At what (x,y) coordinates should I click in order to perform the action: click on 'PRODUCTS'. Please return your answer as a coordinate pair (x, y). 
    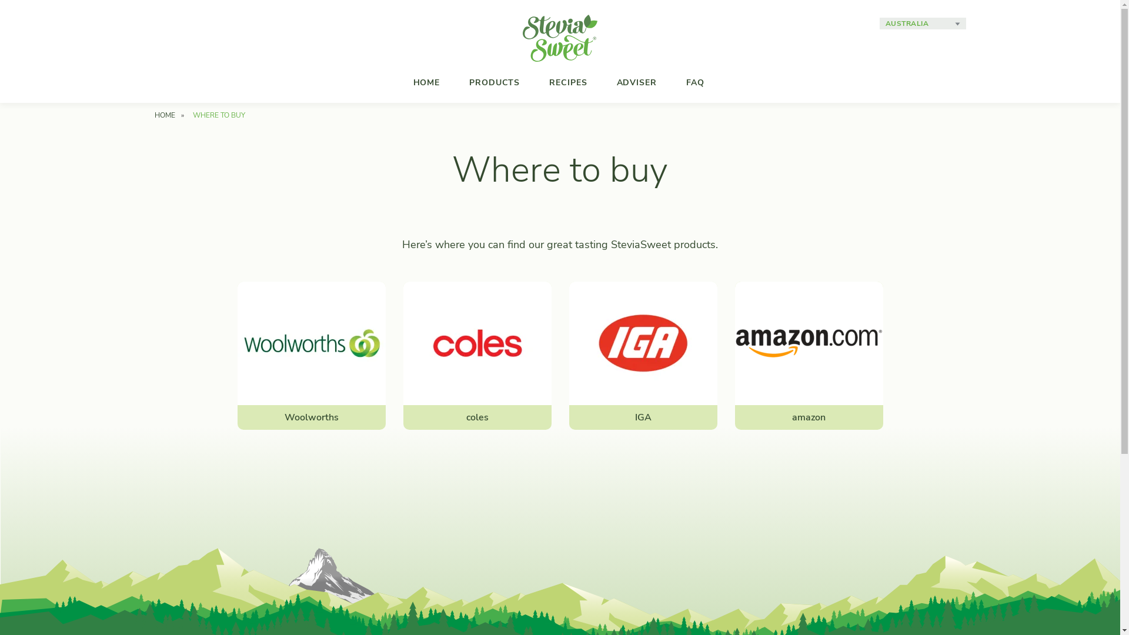
    Looking at the image, I should click on (456, 82).